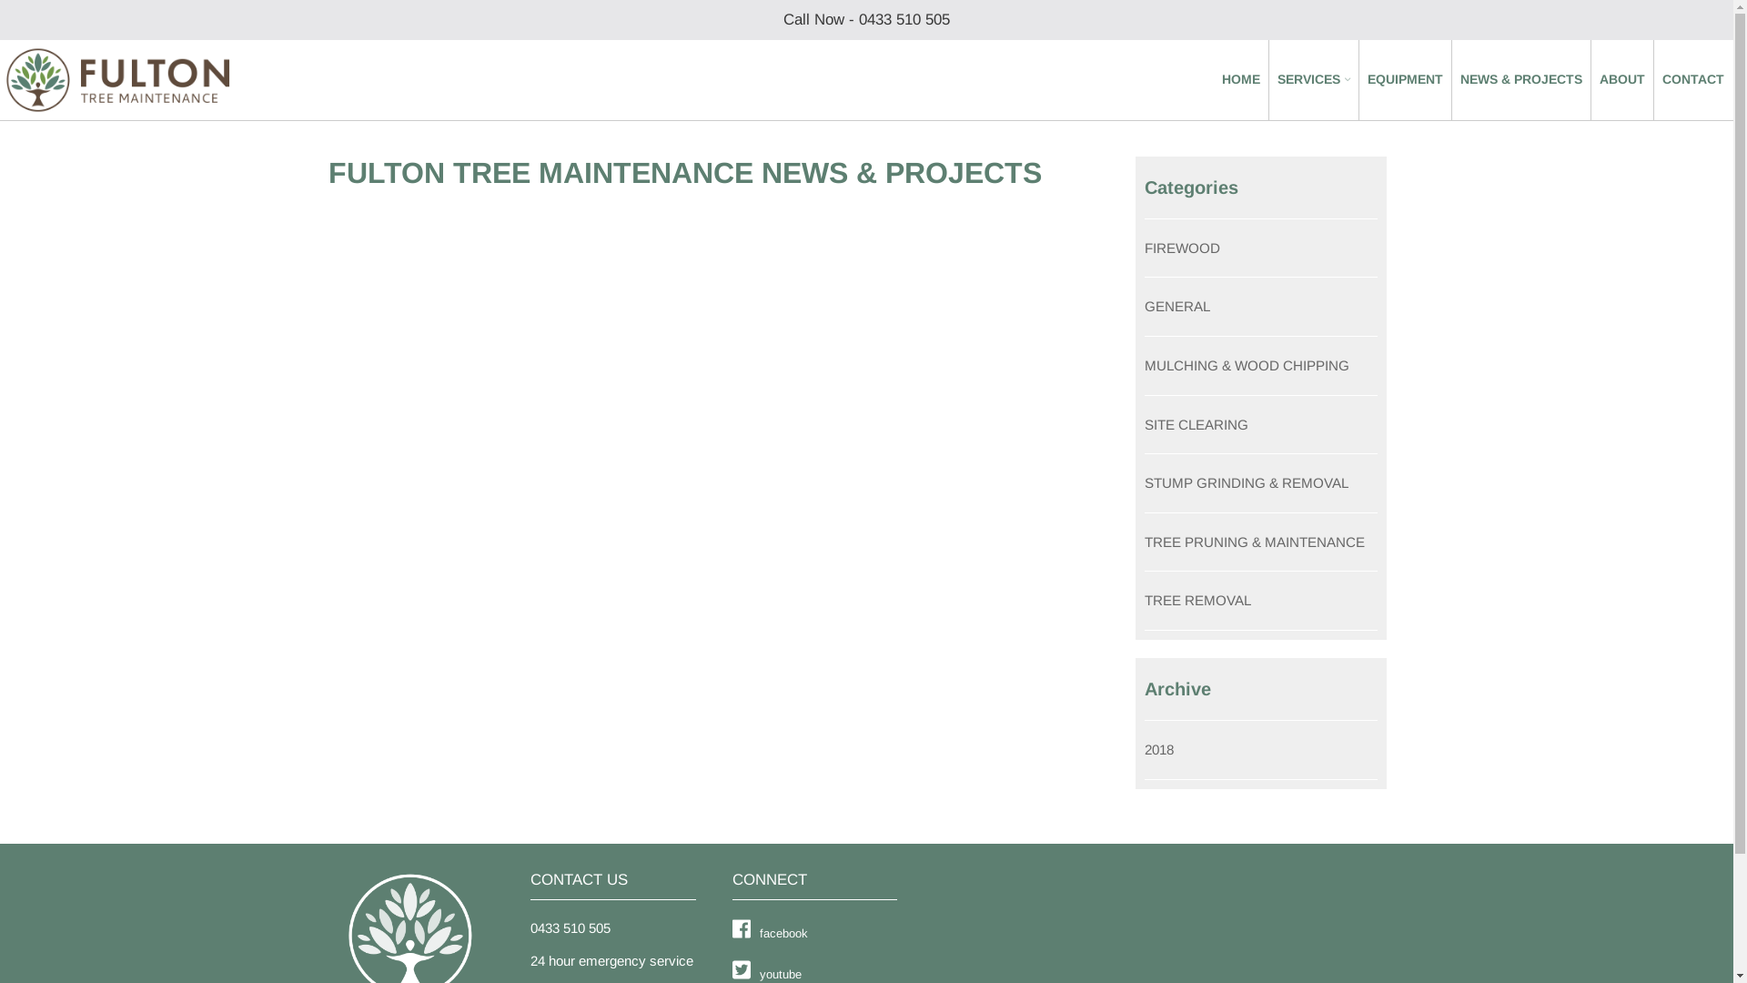  Describe the element at coordinates (1222, 79) in the screenshot. I see `'HOME'` at that location.